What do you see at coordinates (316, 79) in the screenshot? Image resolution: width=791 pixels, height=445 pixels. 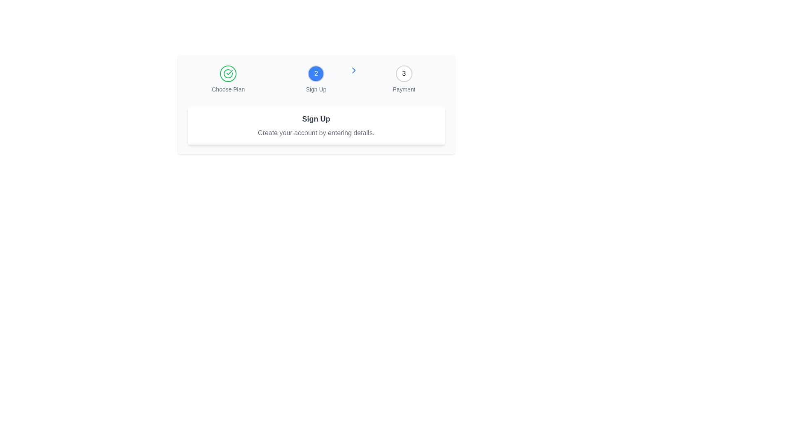 I see `the circular blue icon with the number '2' in white at its center for navigation, located above the 'Sign Up' text` at bounding box center [316, 79].